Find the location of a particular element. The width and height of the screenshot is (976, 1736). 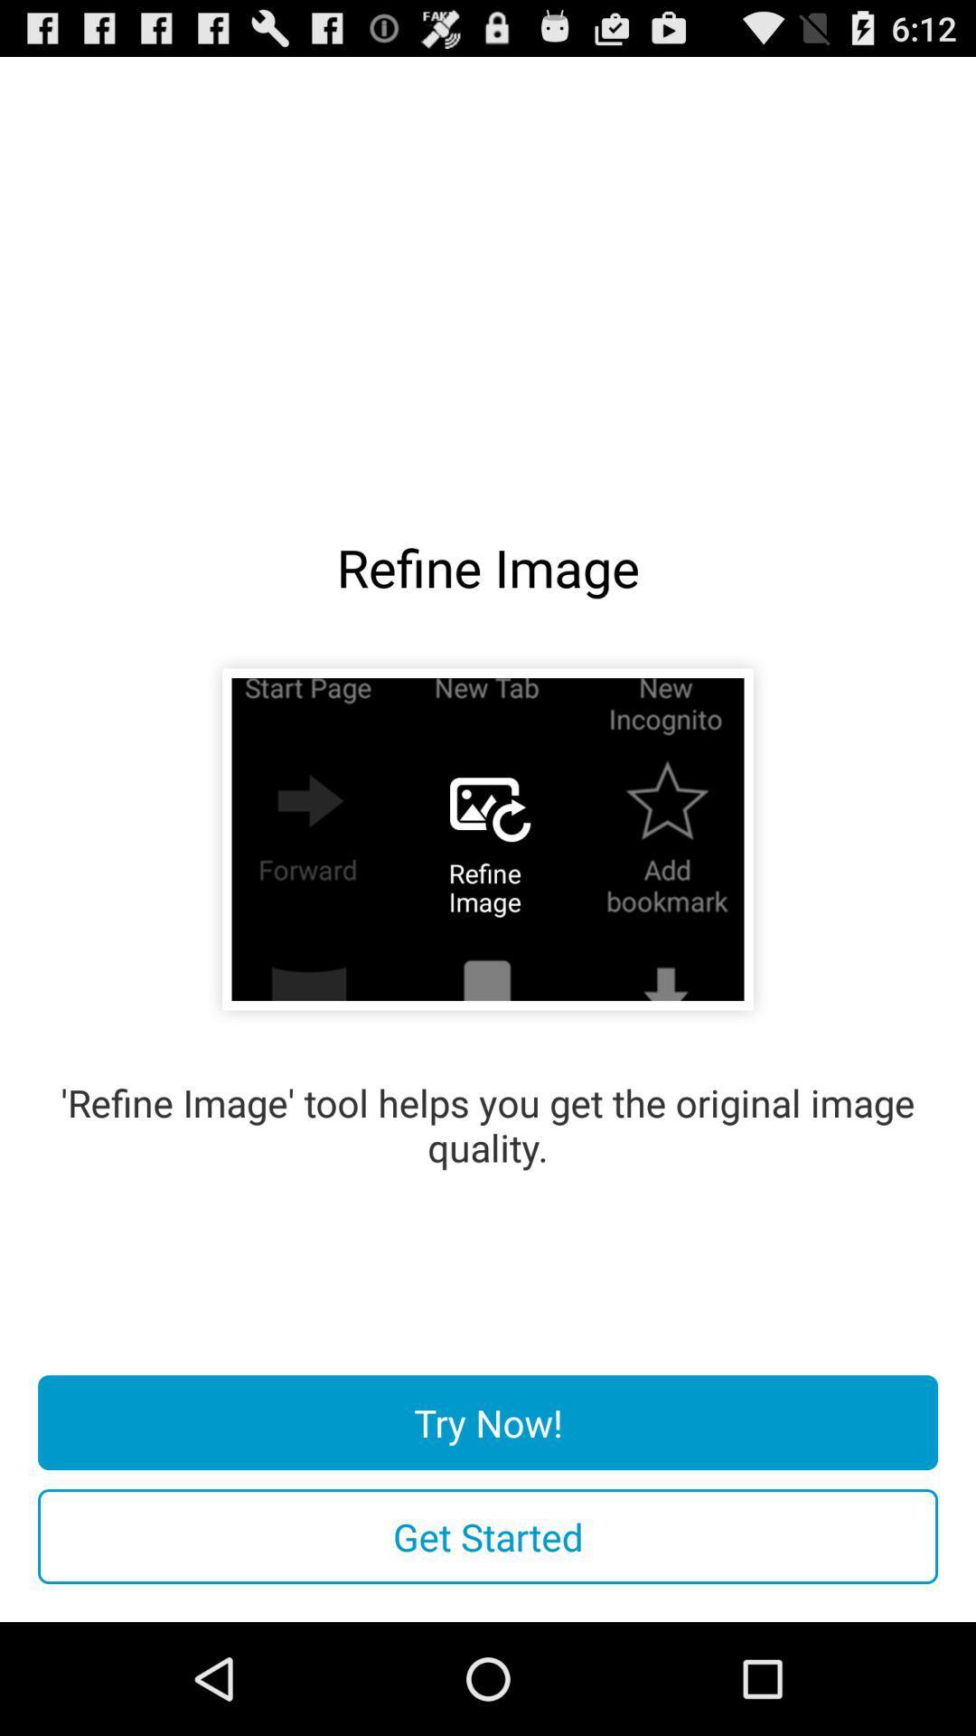

the icon above get started button is located at coordinates (488, 1421).